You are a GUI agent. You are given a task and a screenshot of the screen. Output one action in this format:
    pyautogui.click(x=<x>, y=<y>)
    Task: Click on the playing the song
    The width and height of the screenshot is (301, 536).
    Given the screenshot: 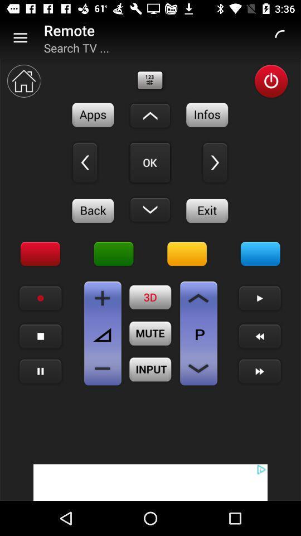 What is the action you would take?
    pyautogui.click(x=40, y=371)
    